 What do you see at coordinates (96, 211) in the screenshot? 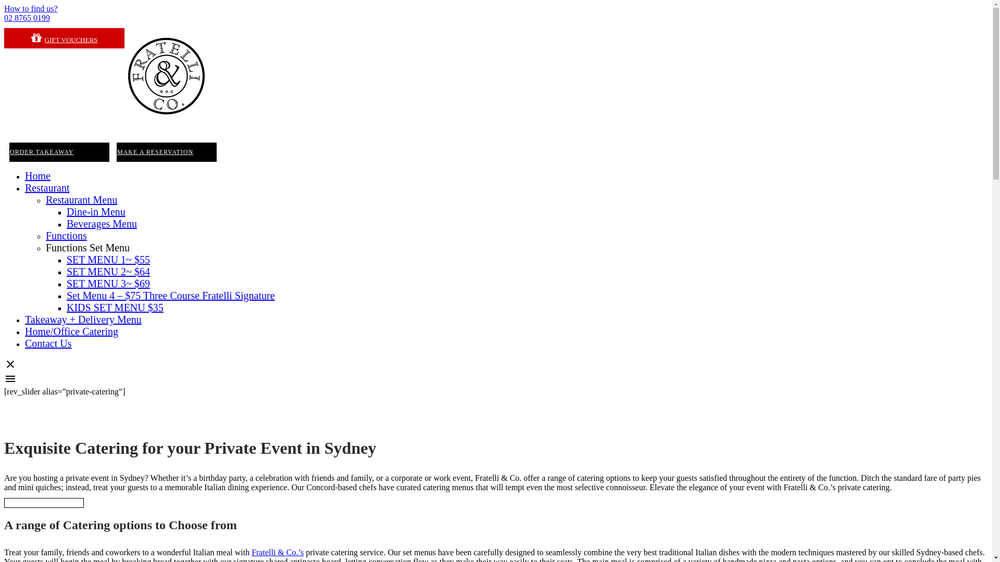
I see `'Dine-in Menu'` at bounding box center [96, 211].